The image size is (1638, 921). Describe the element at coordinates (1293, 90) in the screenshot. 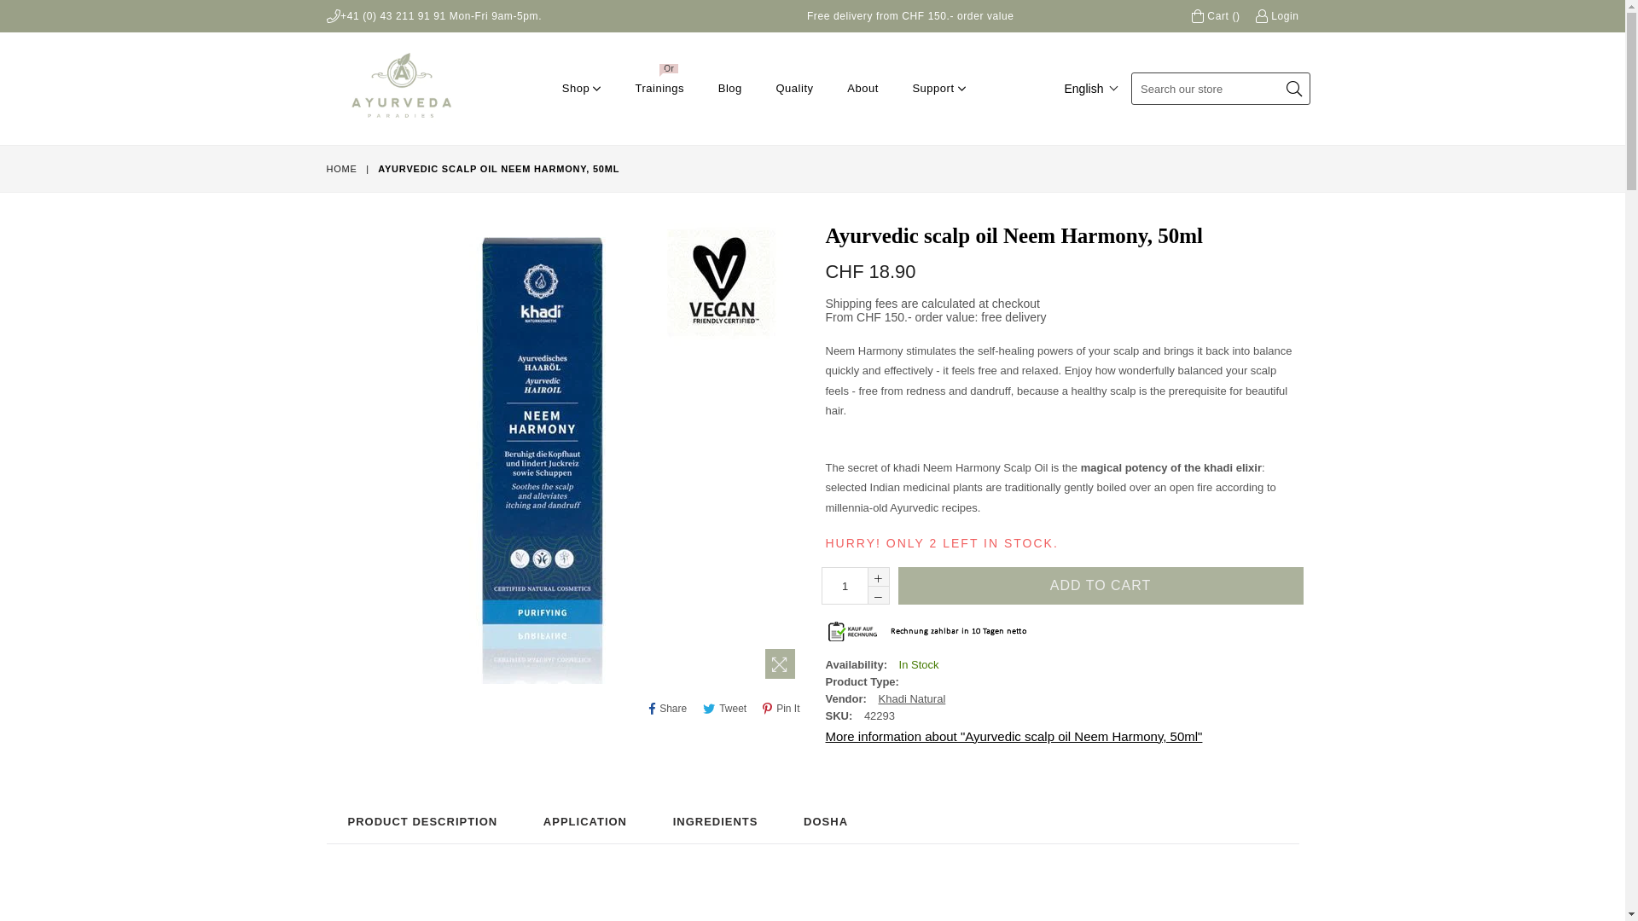

I see `'Submit'` at that location.